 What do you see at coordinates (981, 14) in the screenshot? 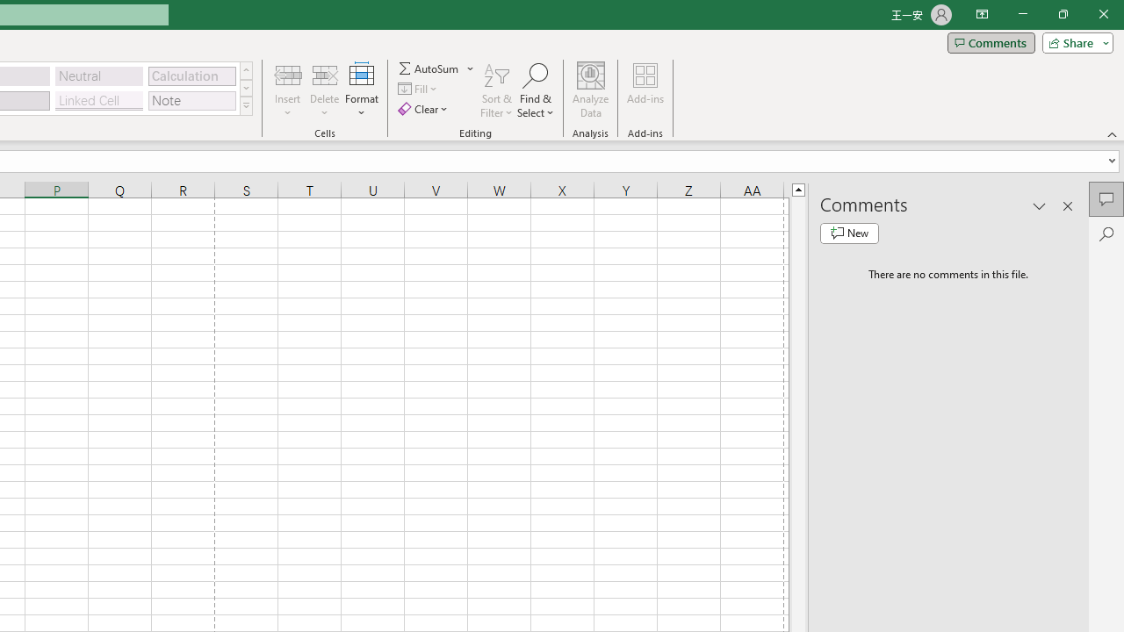
I see `'Ribbon Display Options'` at bounding box center [981, 14].